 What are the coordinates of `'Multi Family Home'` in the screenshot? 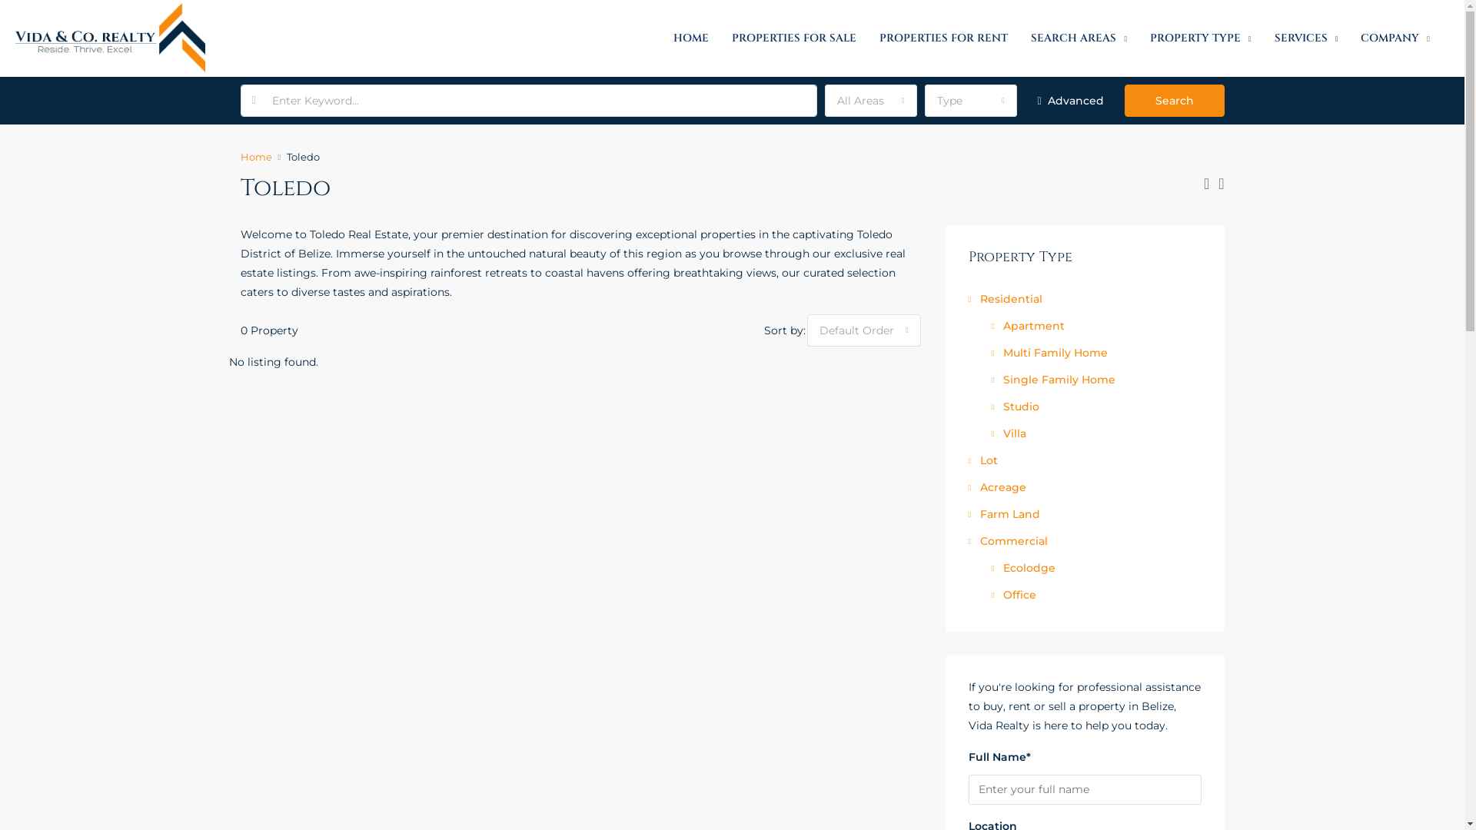 It's located at (1049, 353).